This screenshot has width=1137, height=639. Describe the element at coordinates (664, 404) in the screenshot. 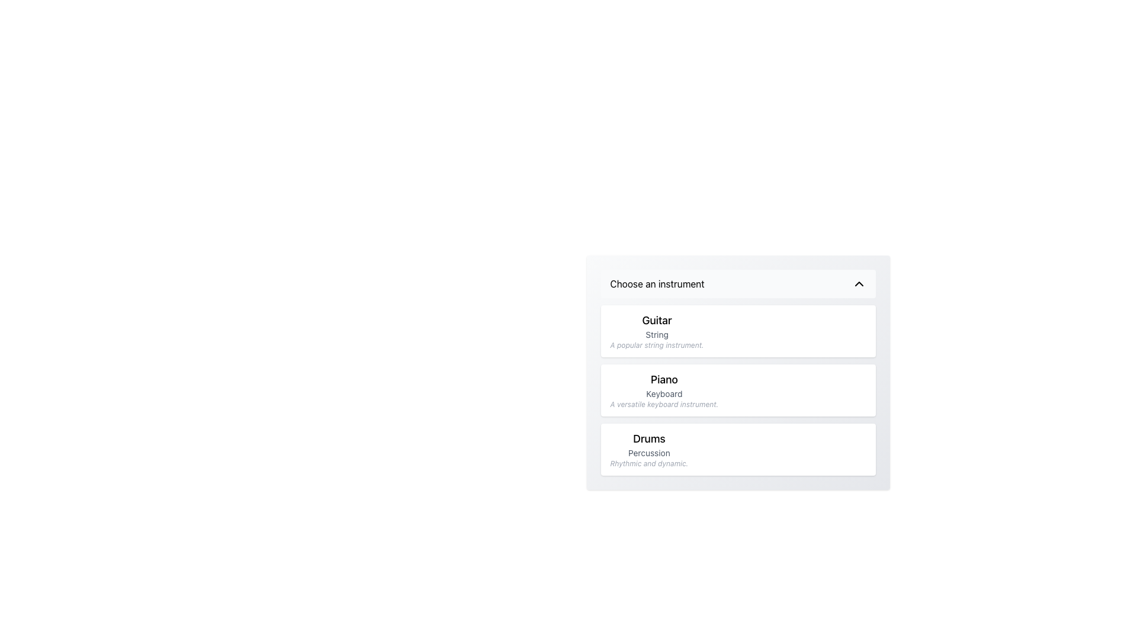

I see `the descriptive text label that provides information about the 'Piano' option in the dropdown menu of musical instruments` at that location.